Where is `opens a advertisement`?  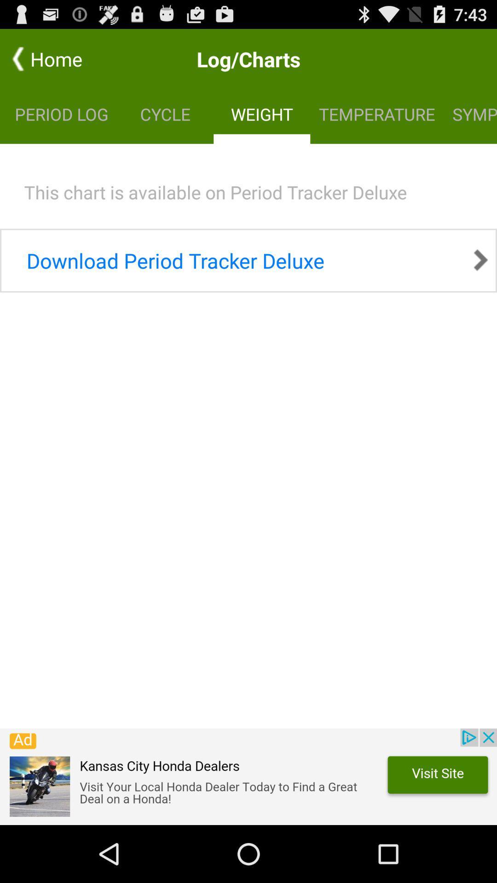 opens a advertisement is located at coordinates (248, 776).